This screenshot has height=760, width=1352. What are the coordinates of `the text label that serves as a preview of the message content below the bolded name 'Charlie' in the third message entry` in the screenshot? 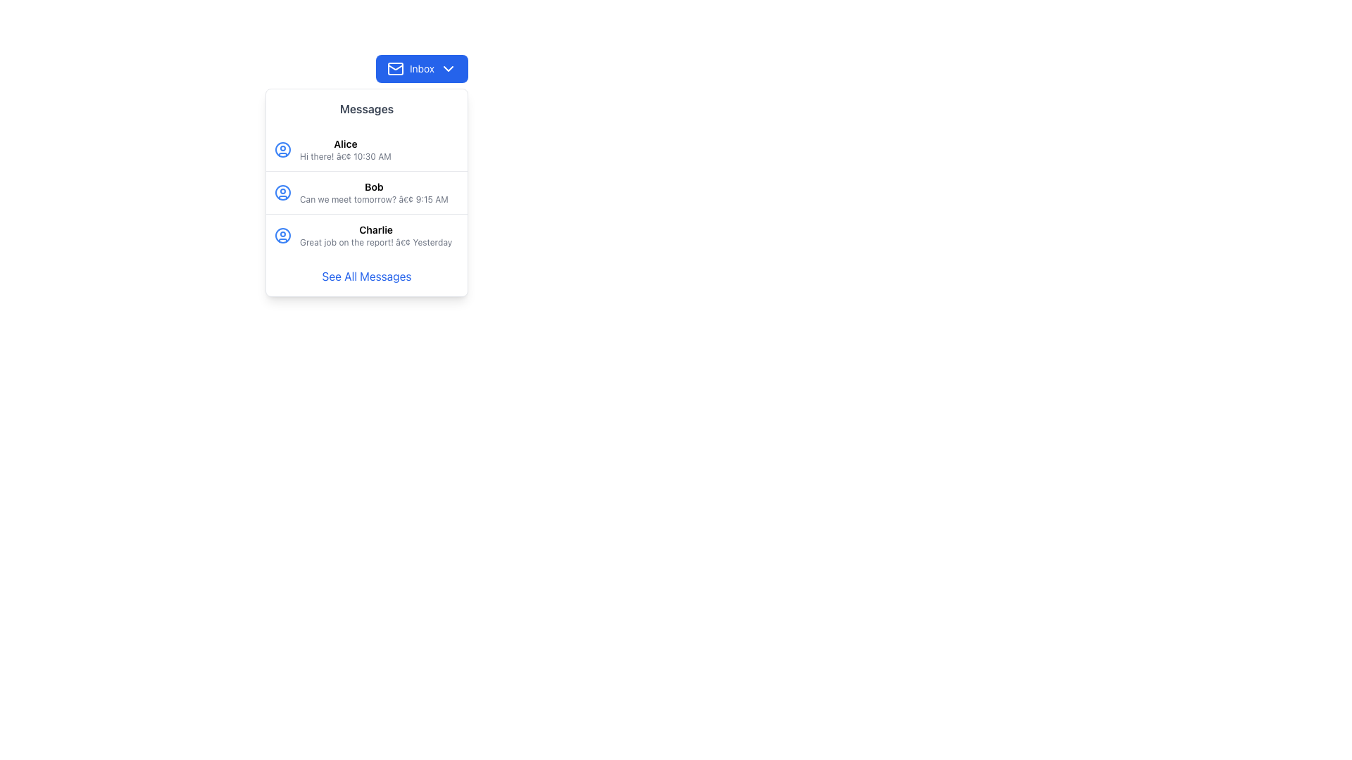 It's located at (376, 241).